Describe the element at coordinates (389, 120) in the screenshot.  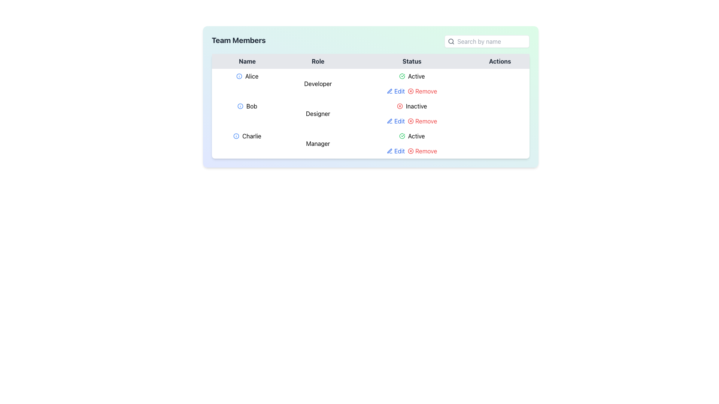
I see `the edit button in the 'Actions' column for the user record 'Bob' to initiate editing` at that location.